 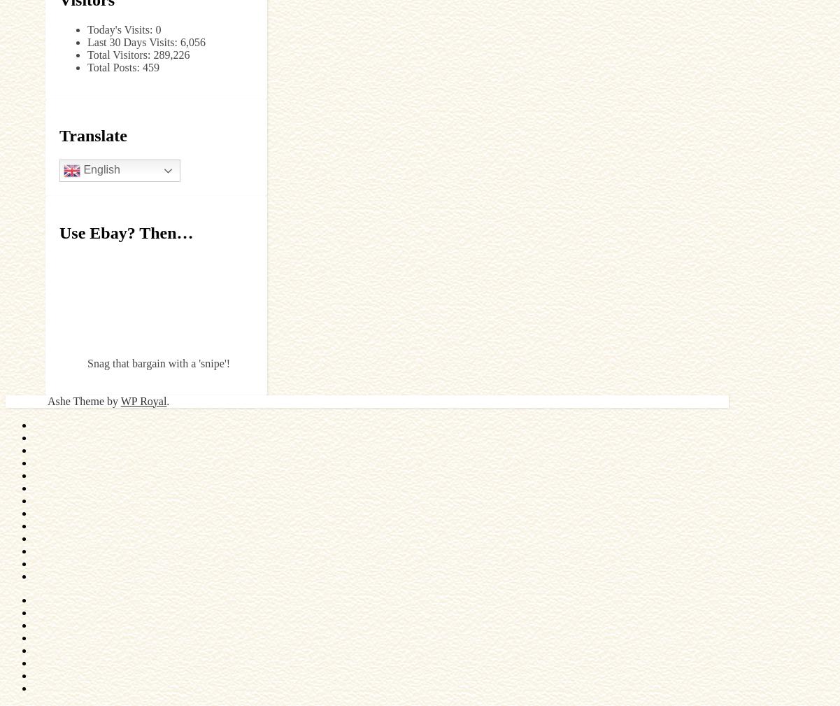 What do you see at coordinates (154, 28) in the screenshot?
I see `'0'` at bounding box center [154, 28].